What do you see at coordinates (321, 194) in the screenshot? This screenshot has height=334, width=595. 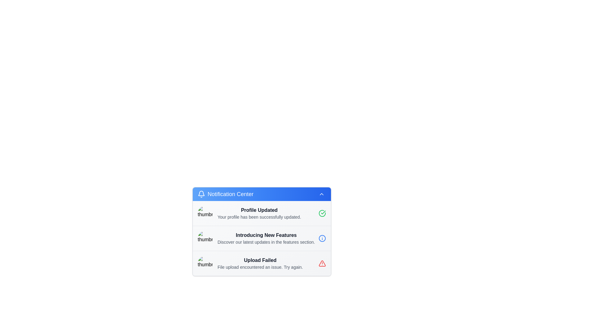 I see `the upward-pointing chevron icon located at the top-right corner of the notification center panel` at bounding box center [321, 194].